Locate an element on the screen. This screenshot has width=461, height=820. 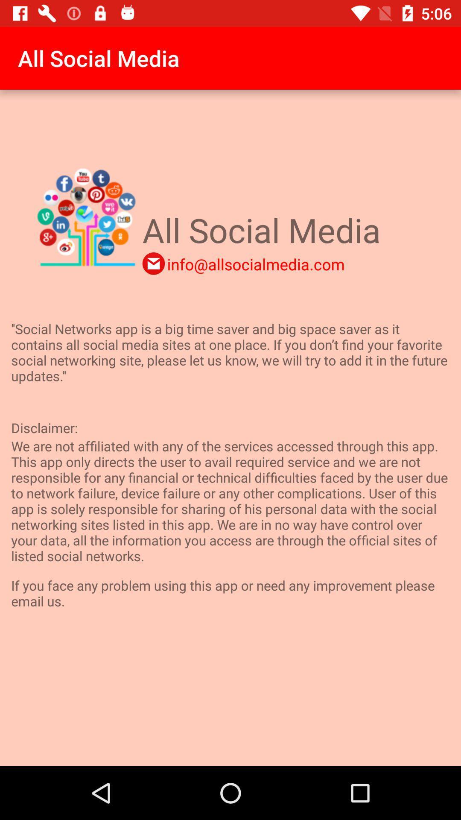
the info@allsocialmedia.com item is located at coordinates (255, 264).